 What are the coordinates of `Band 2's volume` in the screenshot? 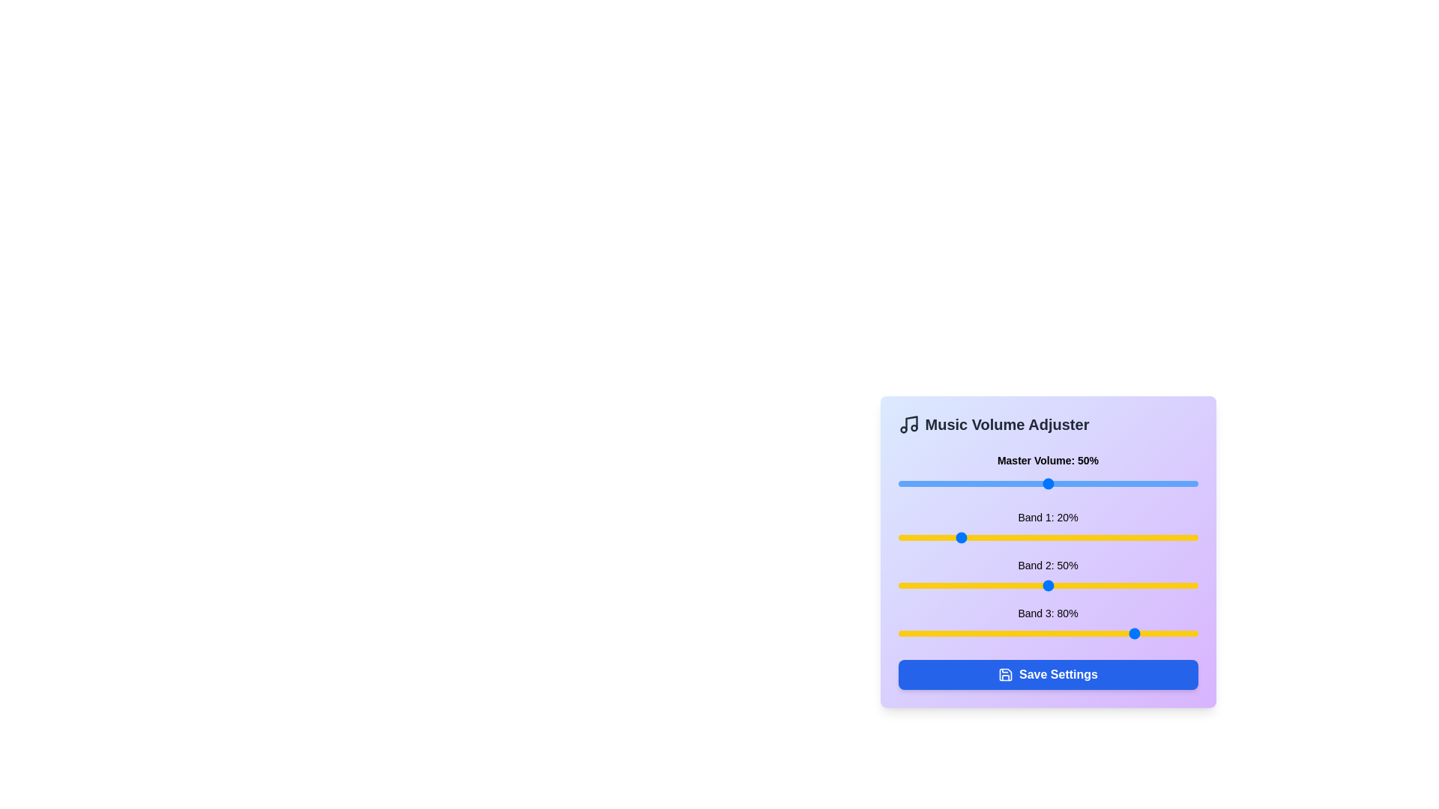 It's located at (954, 585).